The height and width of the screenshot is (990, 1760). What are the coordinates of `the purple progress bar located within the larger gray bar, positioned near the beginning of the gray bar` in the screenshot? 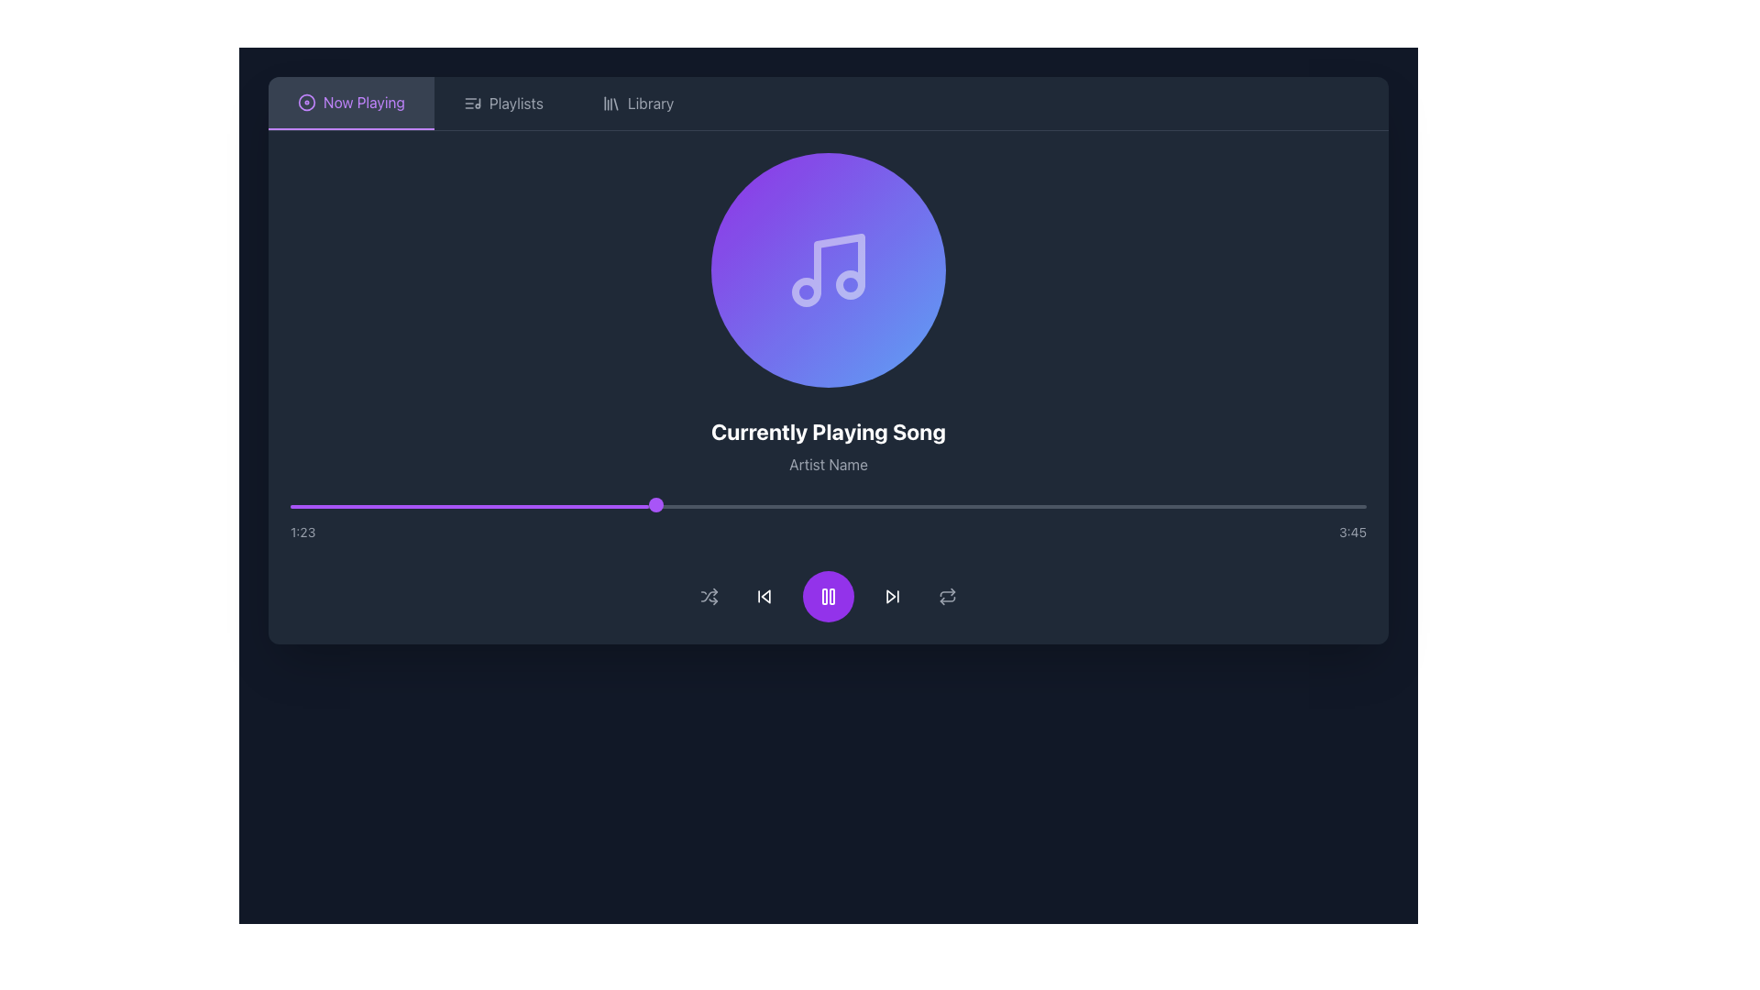 It's located at (469, 506).